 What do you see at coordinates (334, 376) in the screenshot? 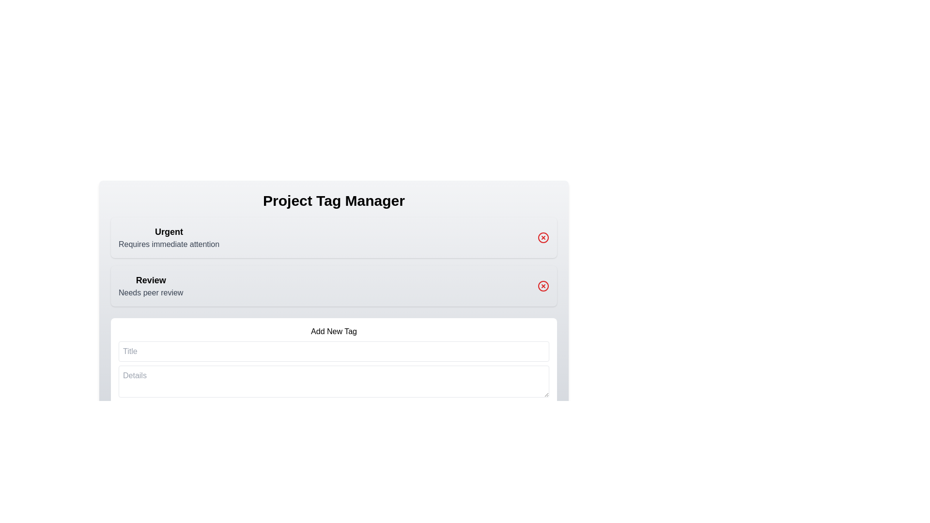
I see `the 'Add Tag' button located at the bottom of the 'Project Tag Manager' section` at bounding box center [334, 376].